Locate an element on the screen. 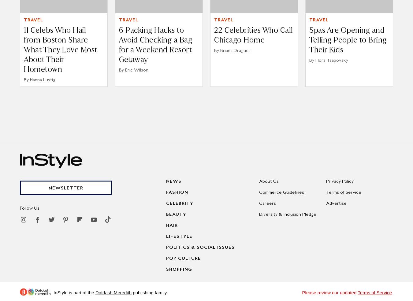 The height and width of the screenshot is (301, 413). '.' is located at coordinates (392, 292).